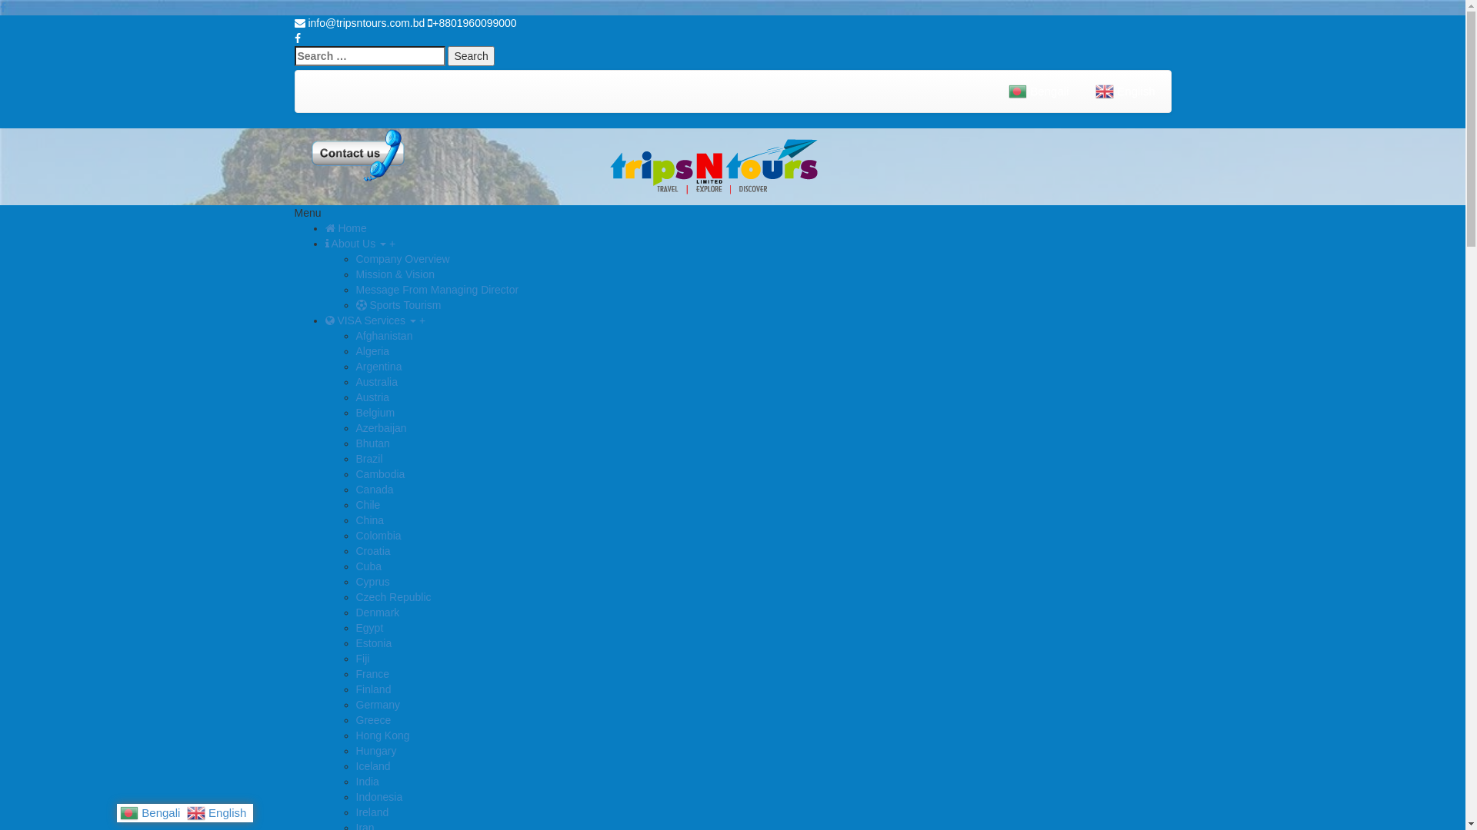 Image resolution: width=1477 pixels, height=830 pixels. What do you see at coordinates (367, 566) in the screenshot?
I see `'Cuba'` at bounding box center [367, 566].